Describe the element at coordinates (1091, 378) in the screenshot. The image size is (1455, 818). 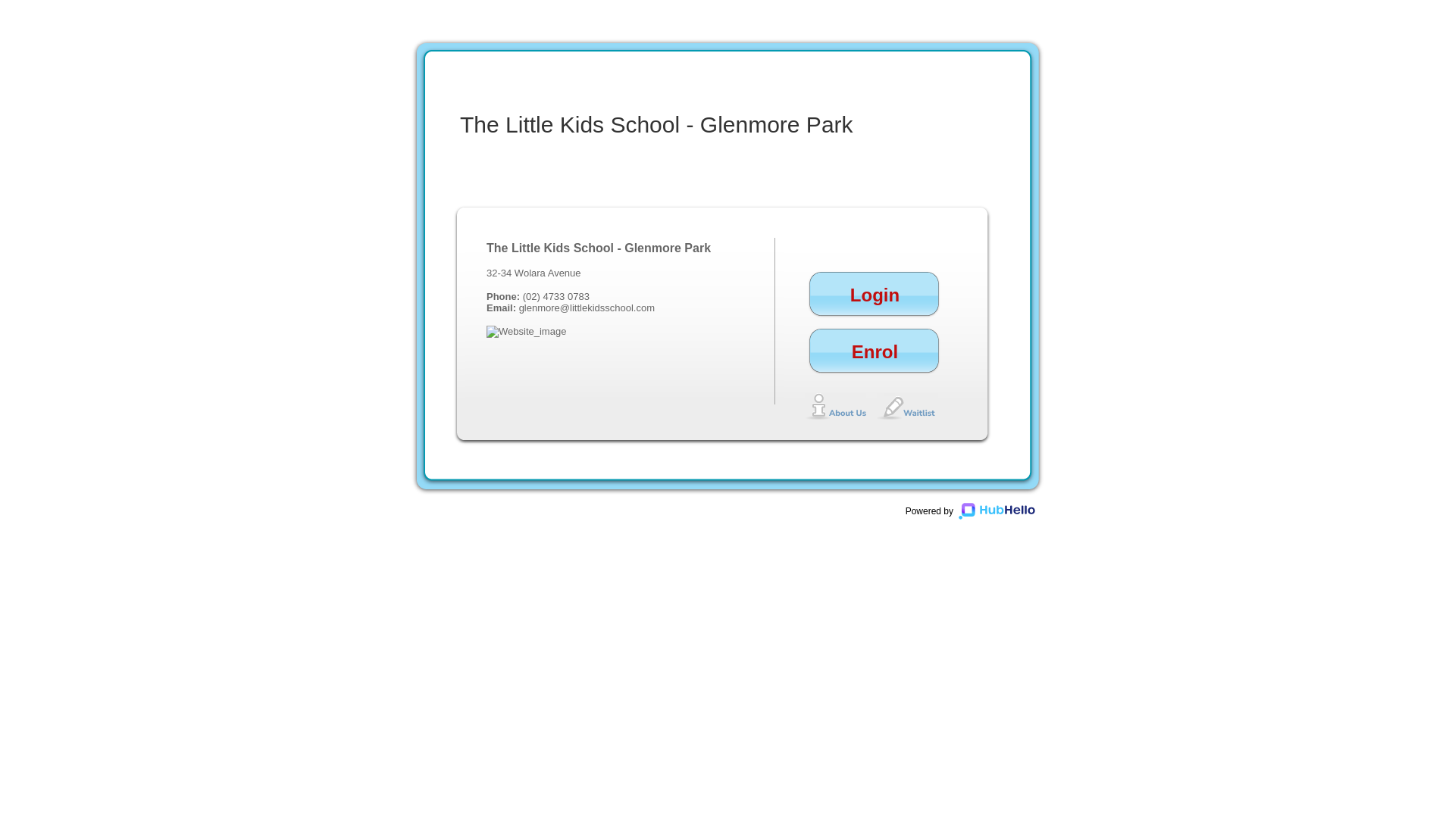
I see `'Back'` at that location.